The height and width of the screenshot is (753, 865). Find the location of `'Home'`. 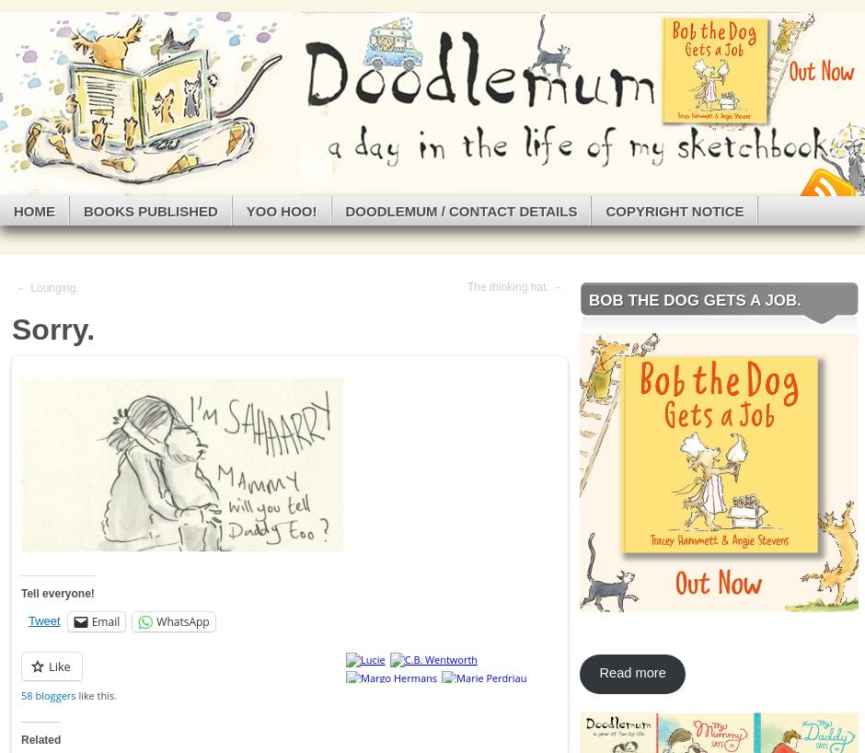

'Home' is located at coordinates (14, 210).